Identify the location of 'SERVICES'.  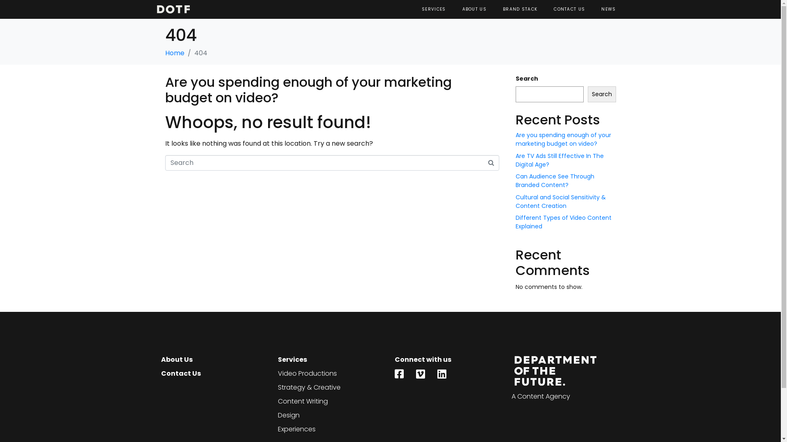
(433, 9).